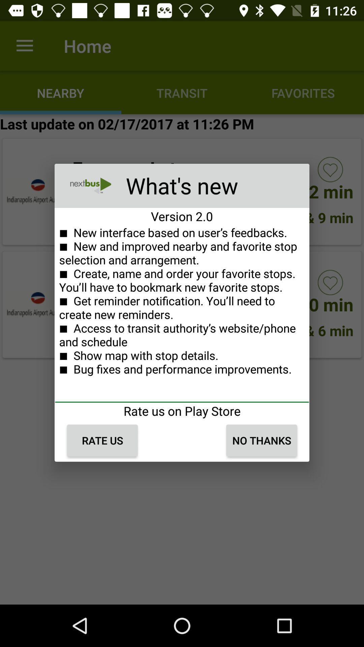  Describe the element at coordinates (261, 440) in the screenshot. I see `the no thanks at the bottom right corner` at that location.